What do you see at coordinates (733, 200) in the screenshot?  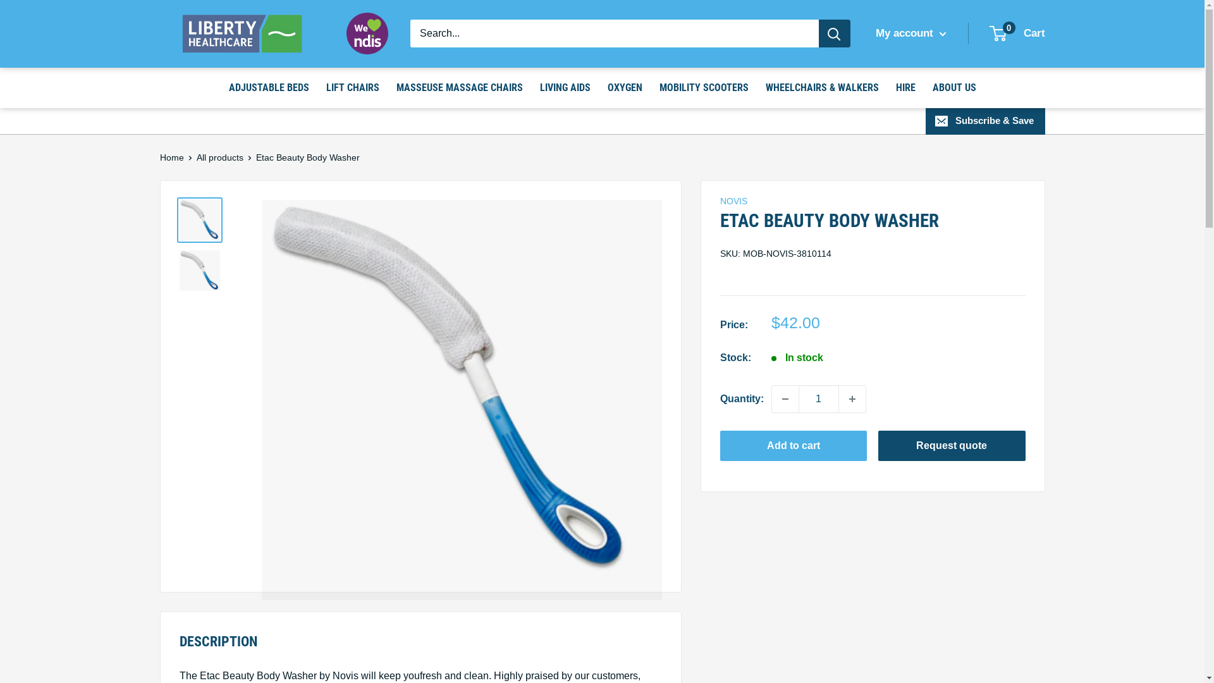 I see `'NOVIS'` at bounding box center [733, 200].